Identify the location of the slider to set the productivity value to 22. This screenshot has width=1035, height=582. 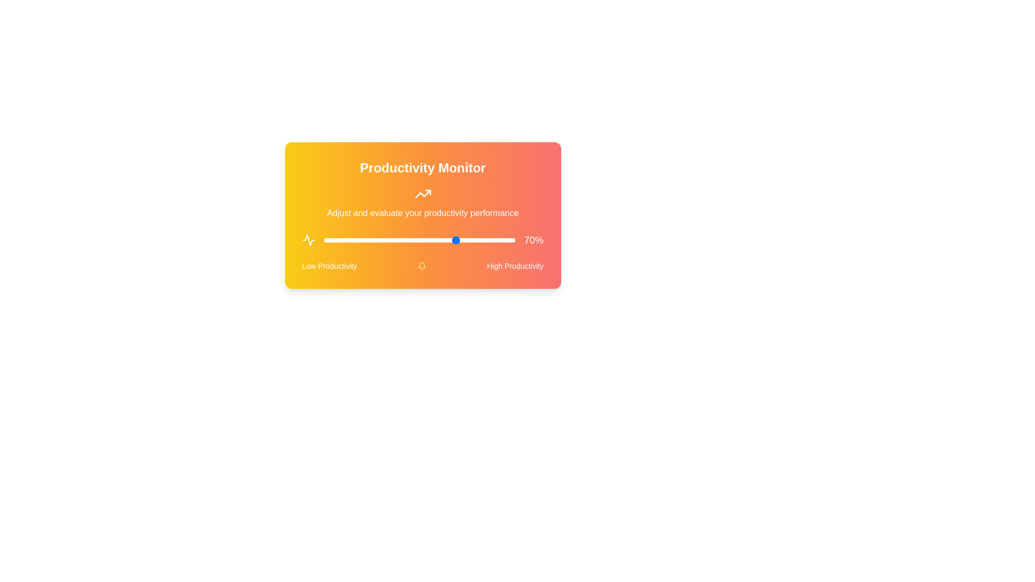
(365, 240).